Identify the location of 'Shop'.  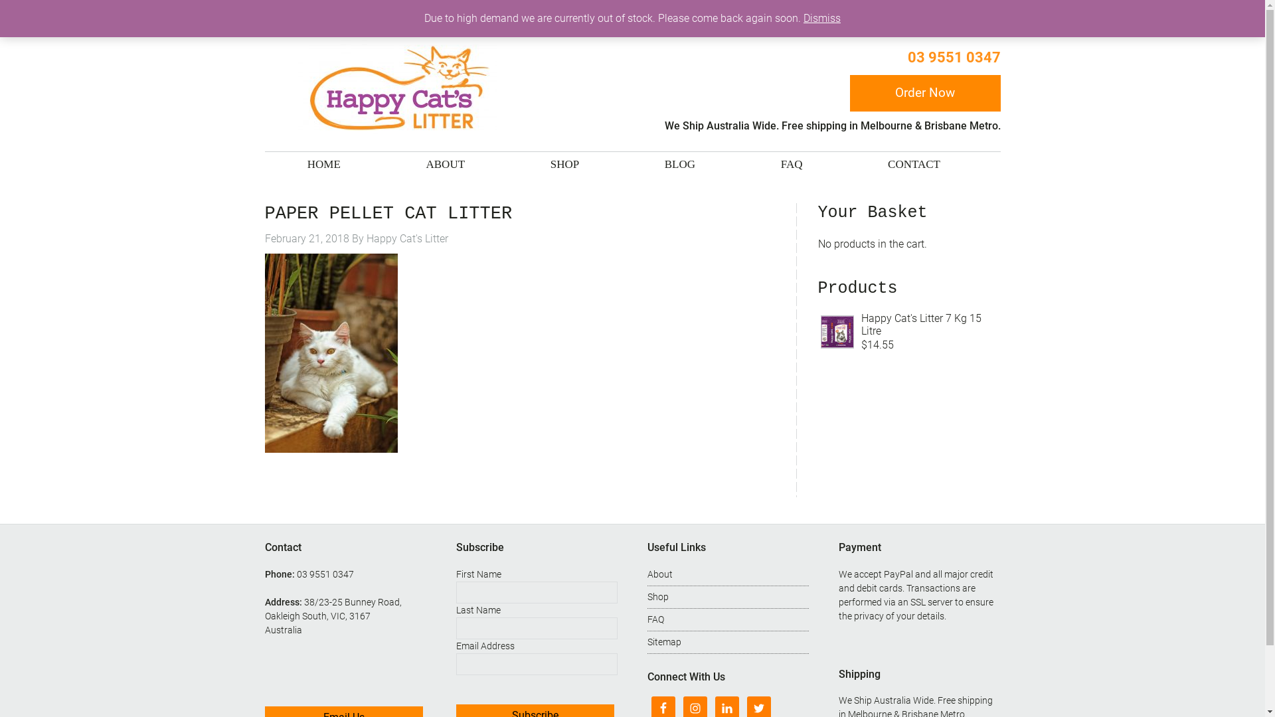
(657, 596).